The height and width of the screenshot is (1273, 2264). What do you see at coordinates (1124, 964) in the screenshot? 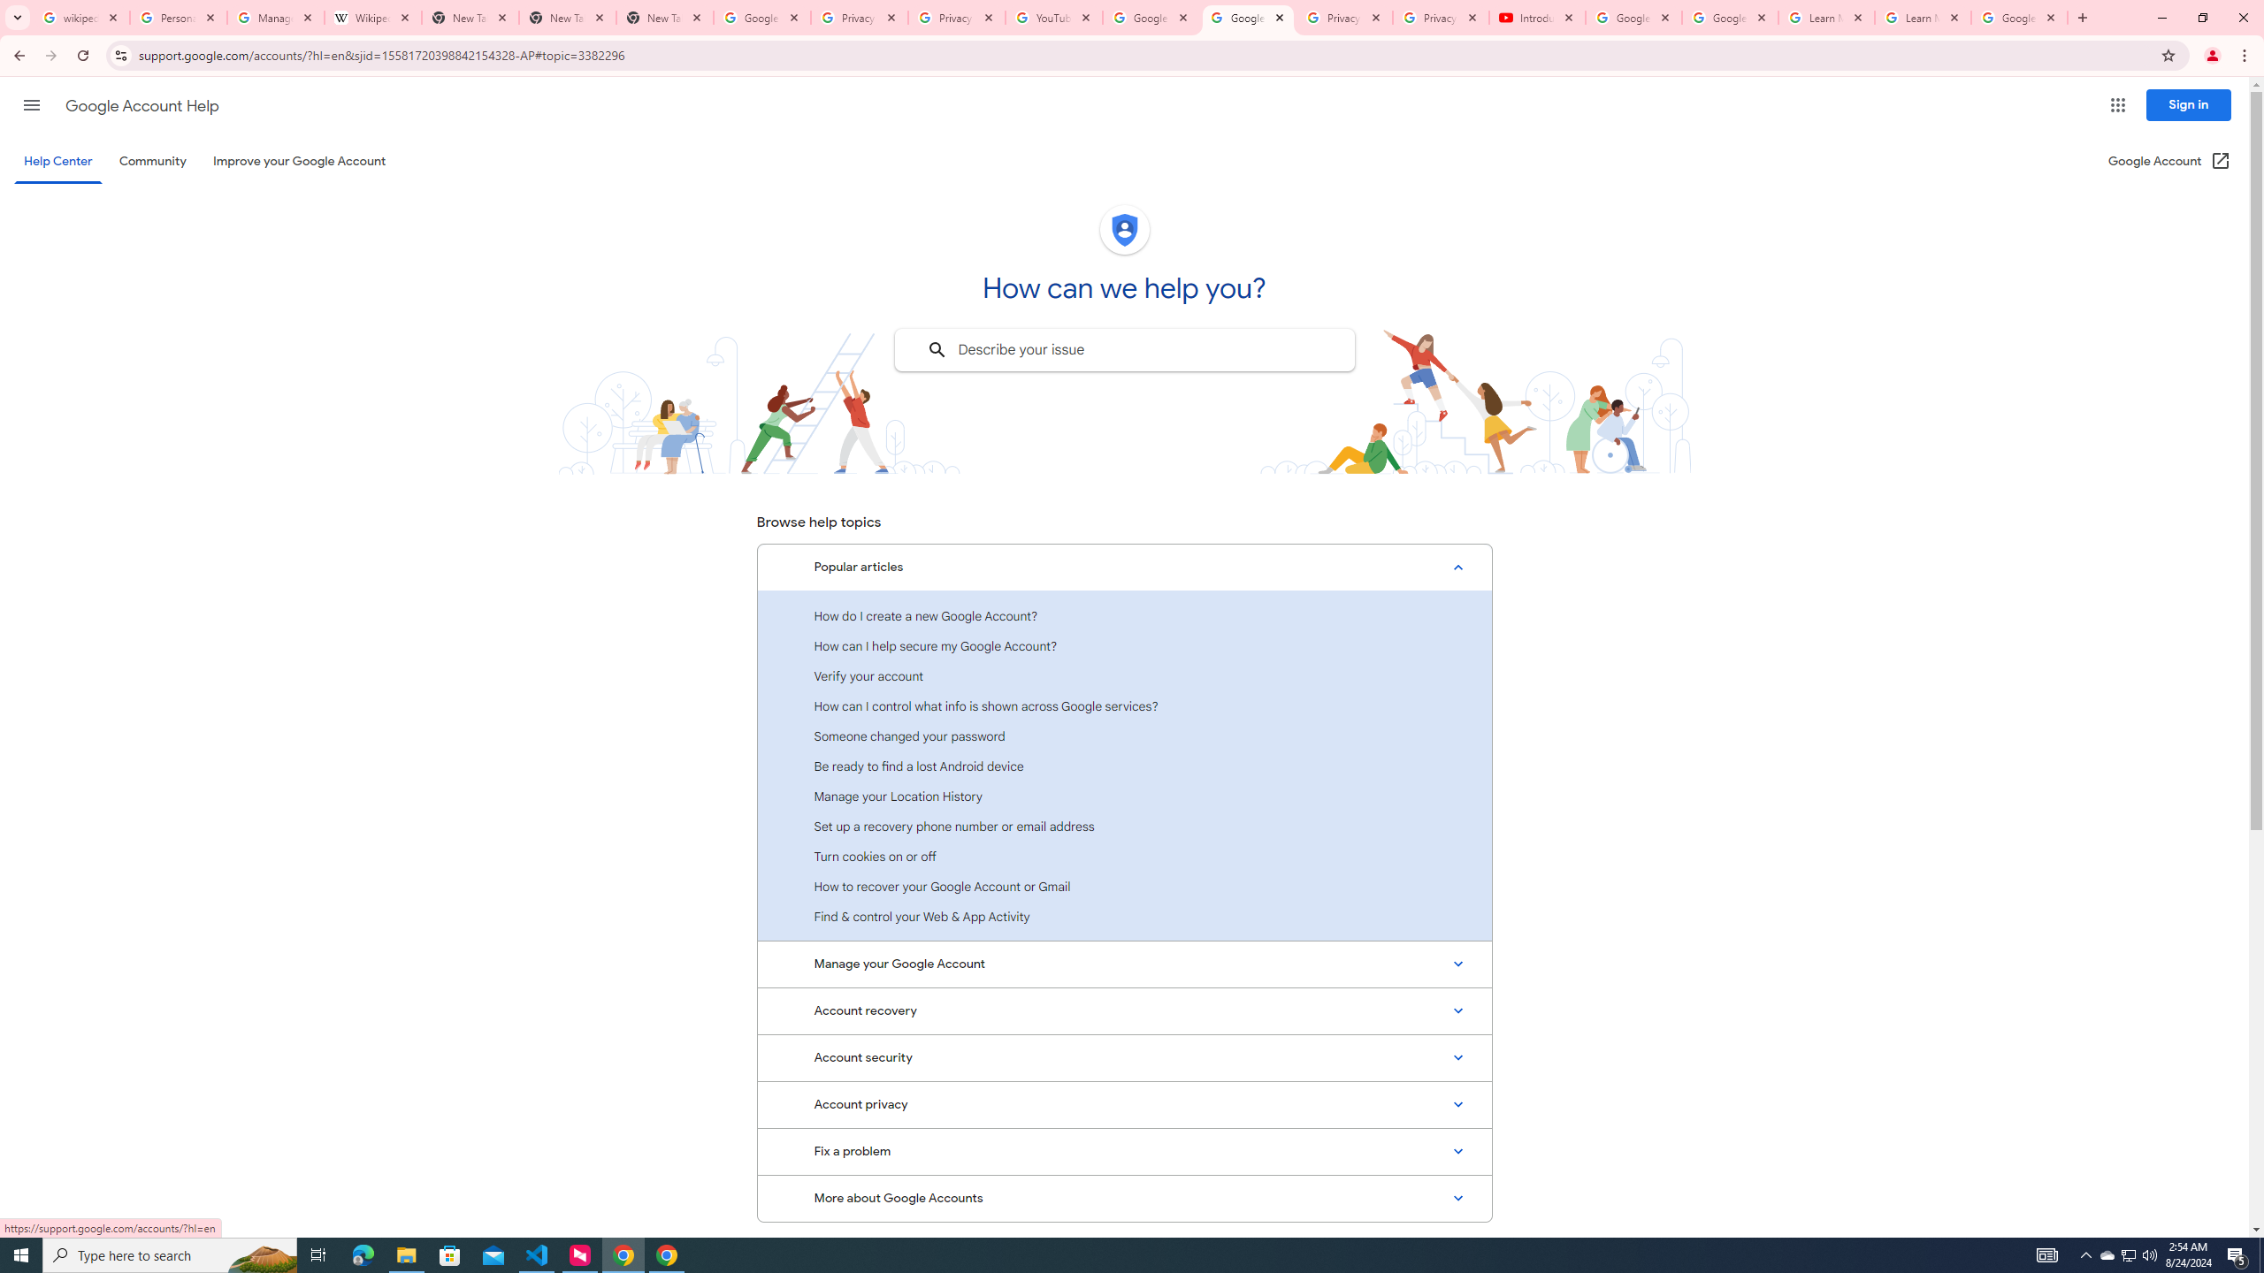
I see `'Manage your Google Account'` at bounding box center [1124, 964].